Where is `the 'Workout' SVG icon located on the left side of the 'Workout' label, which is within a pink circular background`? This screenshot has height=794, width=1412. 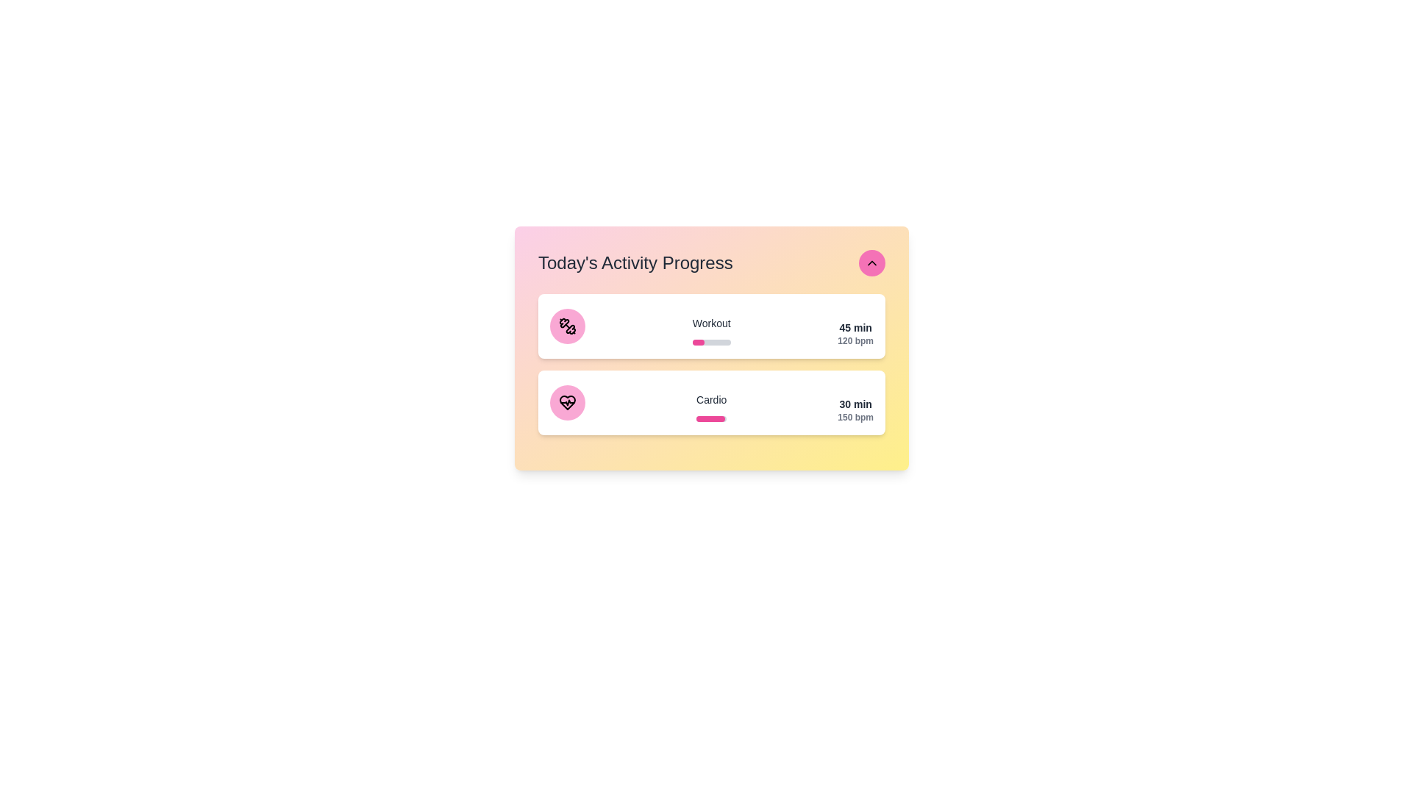 the 'Workout' SVG icon located on the left side of the 'Workout' label, which is within a pink circular background is located at coordinates (567, 325).